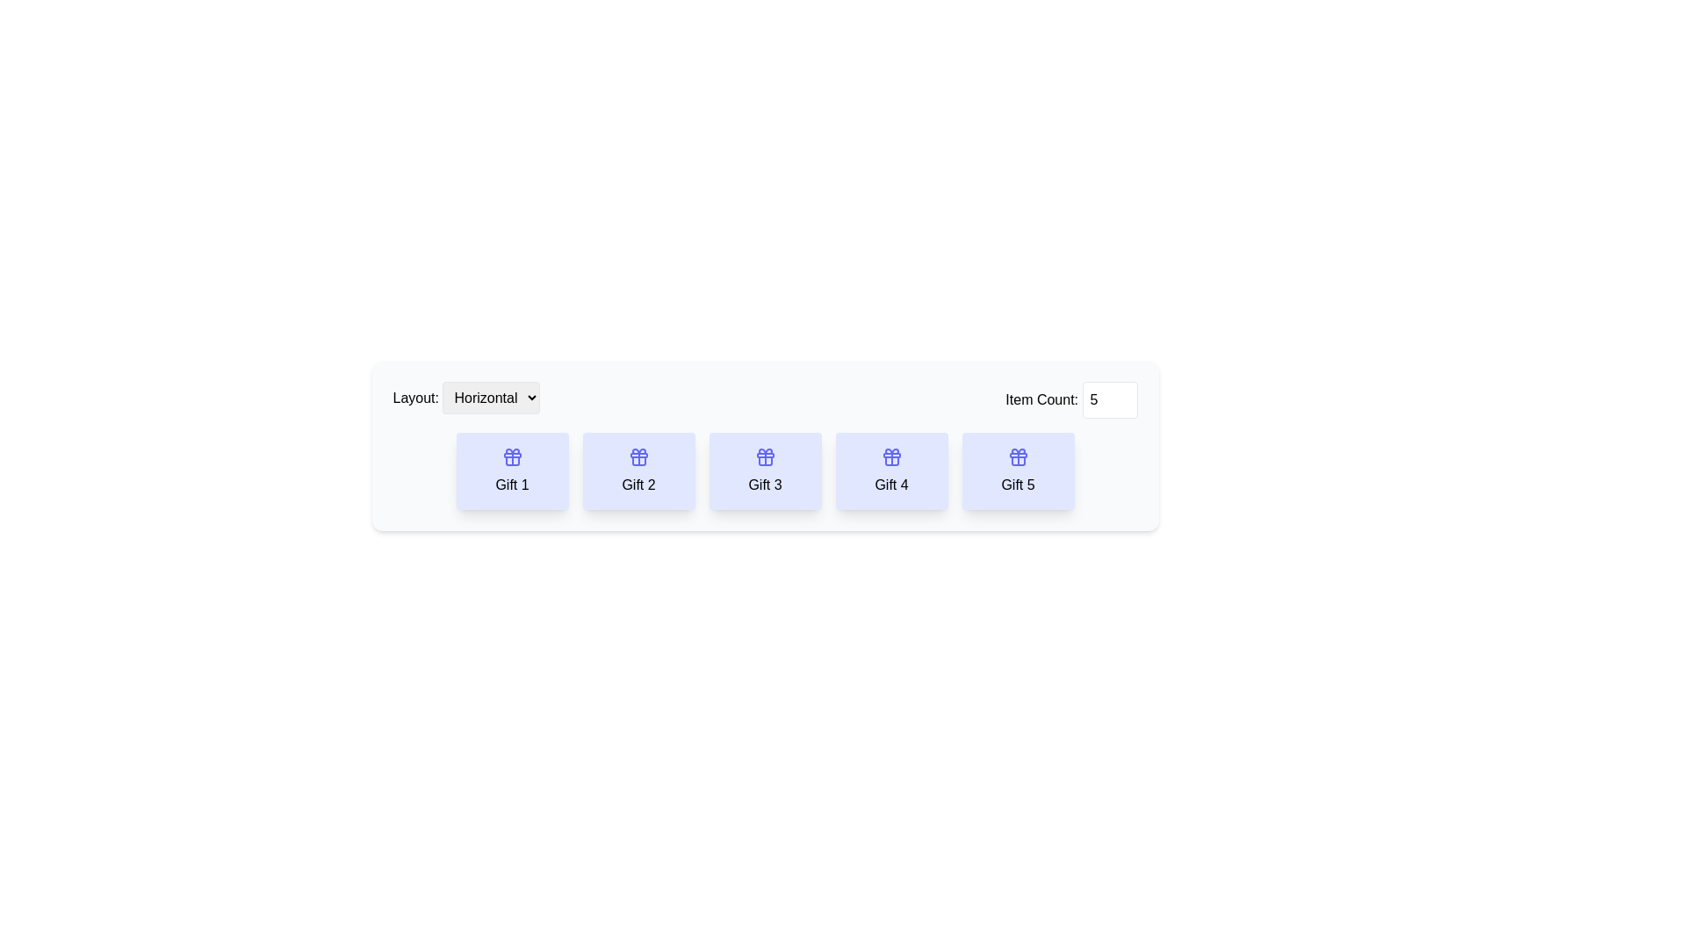 The width and height of the screenshot is (1686, 948). What do you see at coordinates (491, 398) in the screenshot?
I see `the Dropdown menu located near the top-left corner of the UI section, to the right of the label 'Layout', which allows users to choose between 'Horizontal' and 'Vertical' layout options` at bounding box center [491, 398].